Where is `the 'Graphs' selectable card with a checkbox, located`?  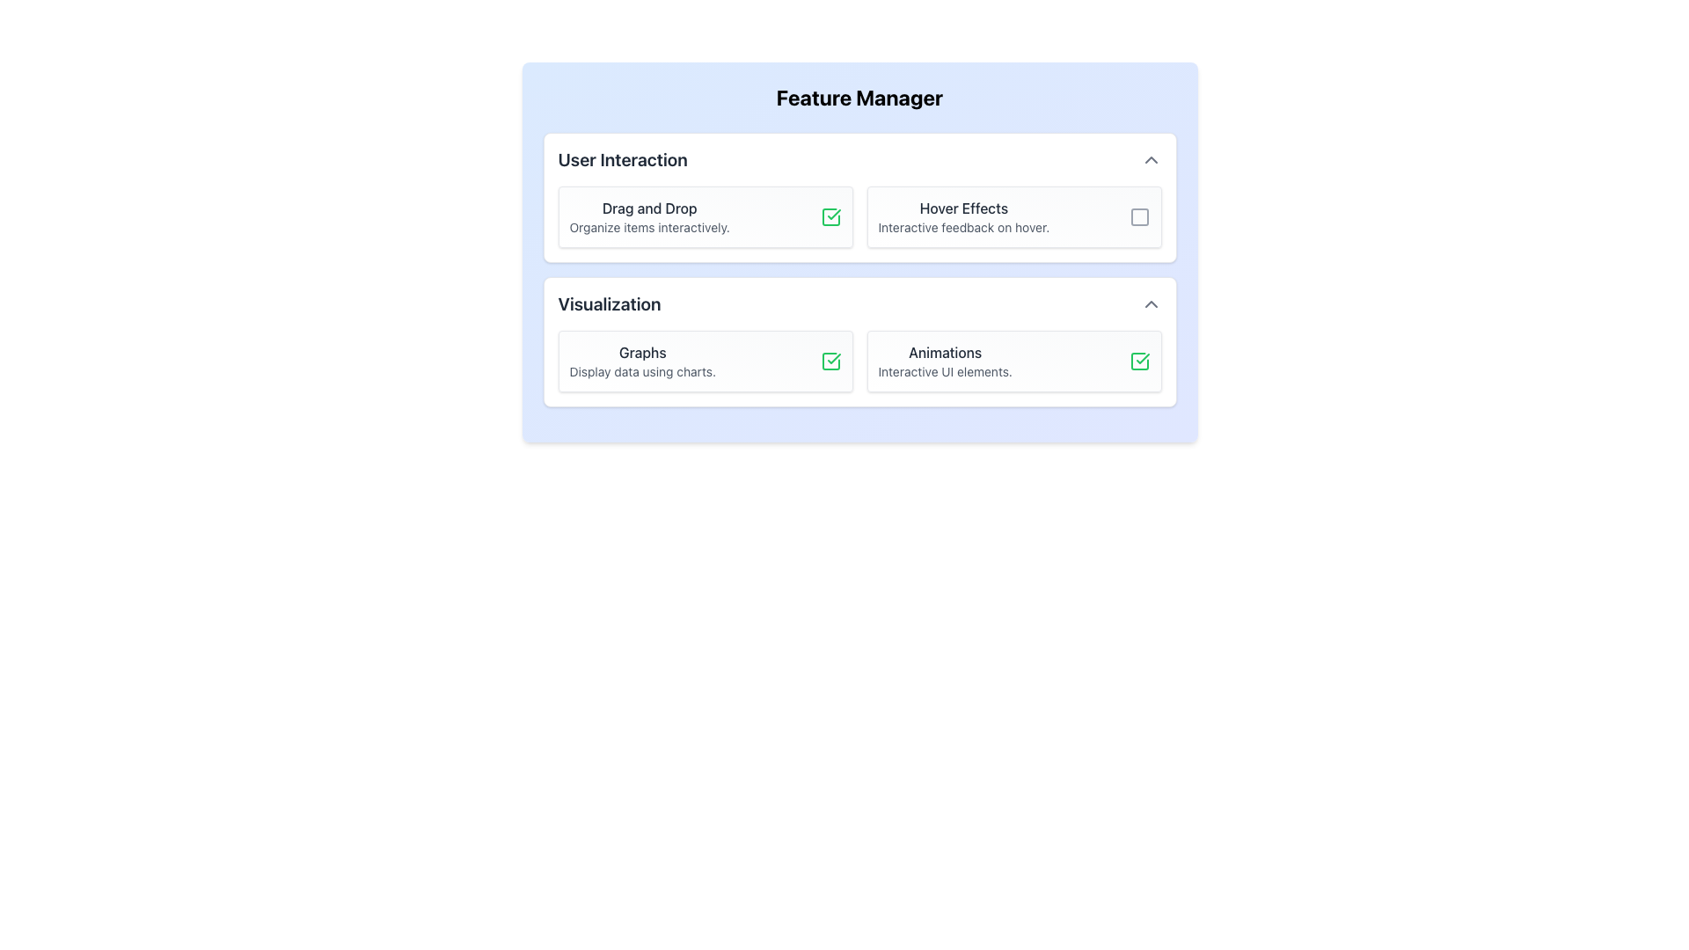
the 'Graphs' selectable card with a checkbox, located is located at coordinates (705, 361).